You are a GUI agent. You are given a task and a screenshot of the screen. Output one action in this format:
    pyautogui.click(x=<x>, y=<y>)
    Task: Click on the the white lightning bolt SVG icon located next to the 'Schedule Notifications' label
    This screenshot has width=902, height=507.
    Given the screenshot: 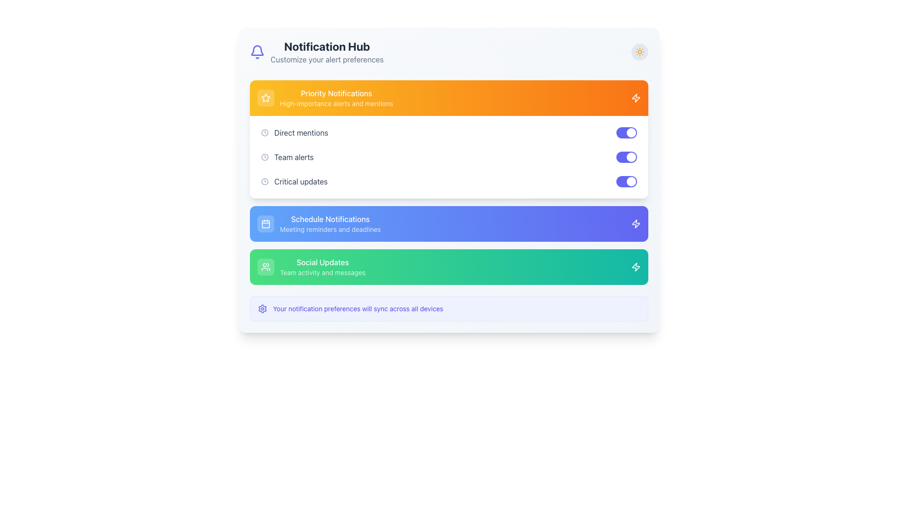 What is the action you would take?
    pyautogui.click(x=636, y=224)
    